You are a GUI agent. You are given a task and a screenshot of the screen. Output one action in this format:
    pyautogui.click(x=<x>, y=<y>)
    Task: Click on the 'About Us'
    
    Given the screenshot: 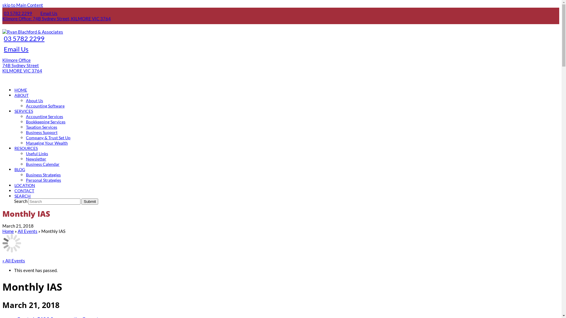 What is the action you would take?
    pyautogui.click(x=34, y=100)
    